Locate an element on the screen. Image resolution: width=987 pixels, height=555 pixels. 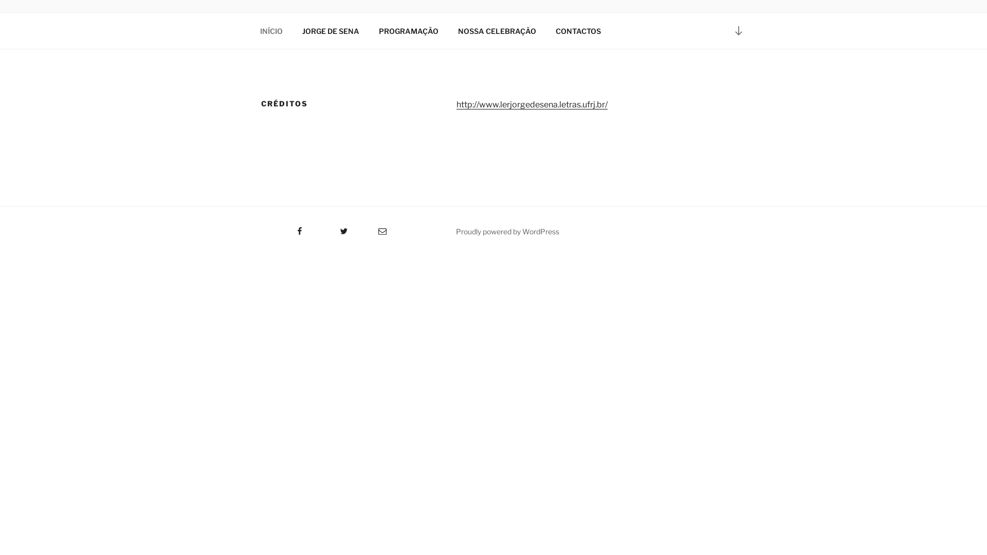
'Twitter' is located at coordinates (331, 227).